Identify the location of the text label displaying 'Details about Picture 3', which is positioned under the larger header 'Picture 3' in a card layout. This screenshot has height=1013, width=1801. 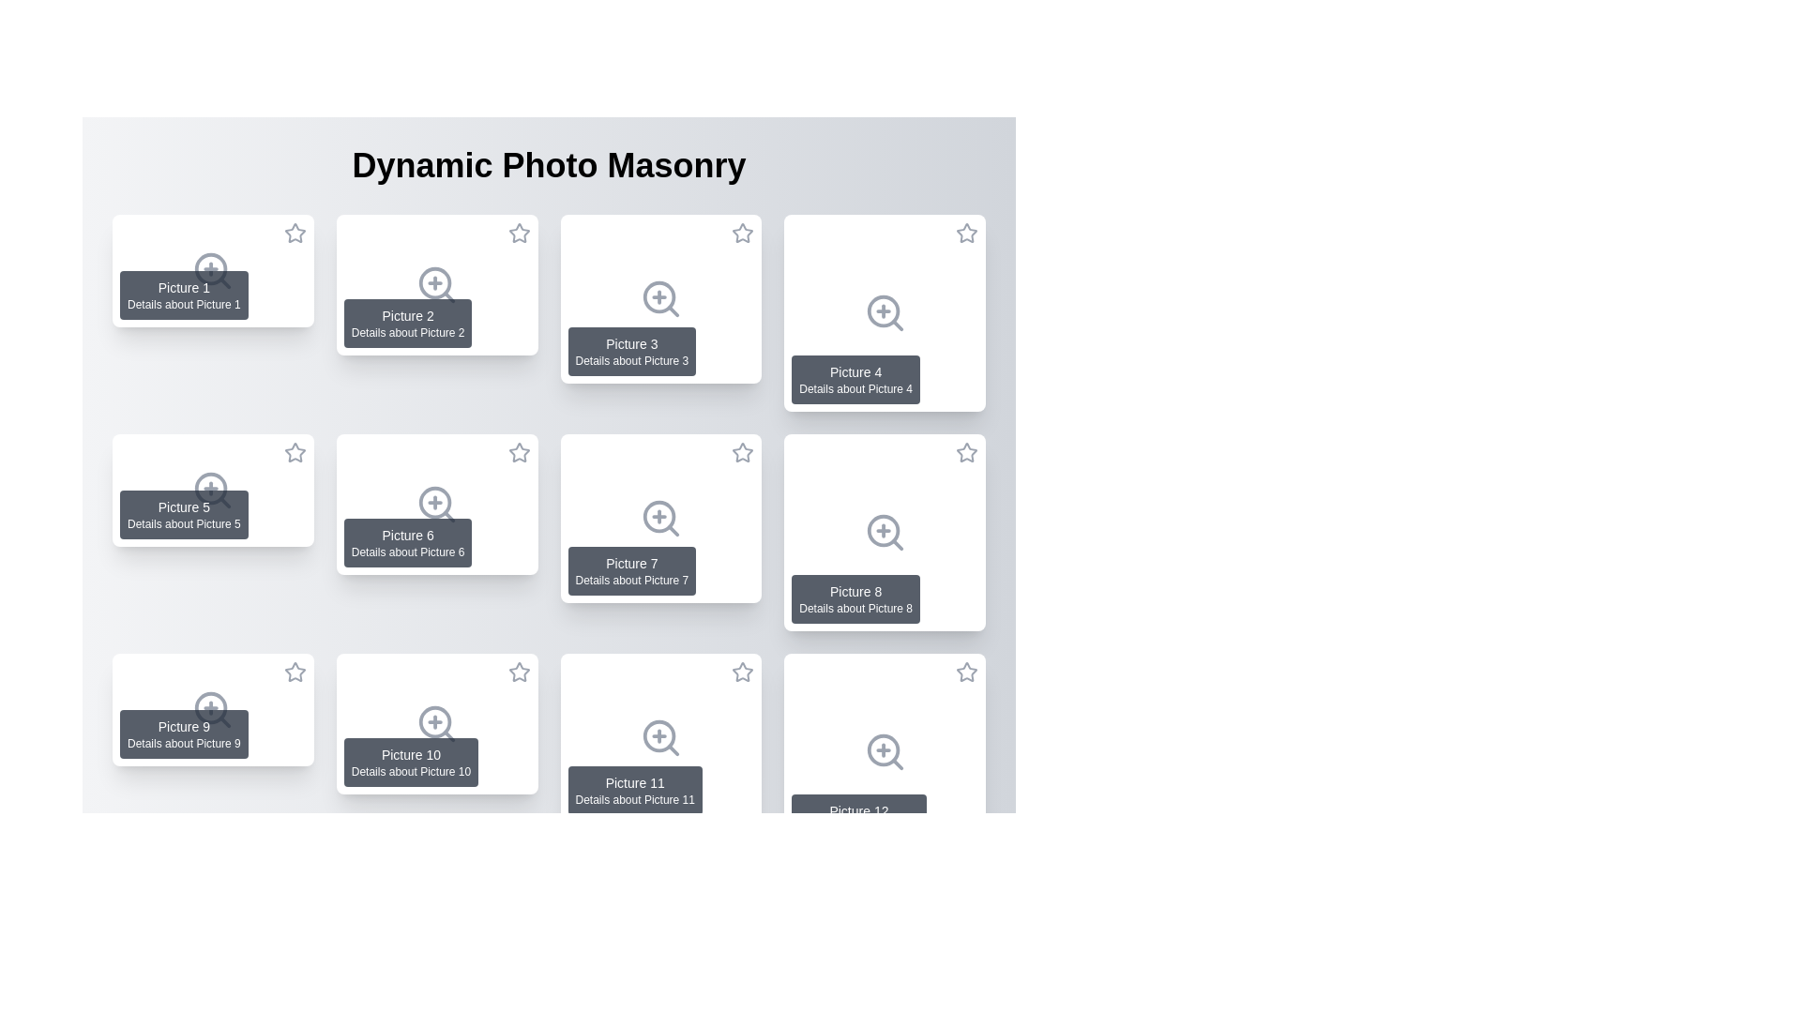
(631, 361).